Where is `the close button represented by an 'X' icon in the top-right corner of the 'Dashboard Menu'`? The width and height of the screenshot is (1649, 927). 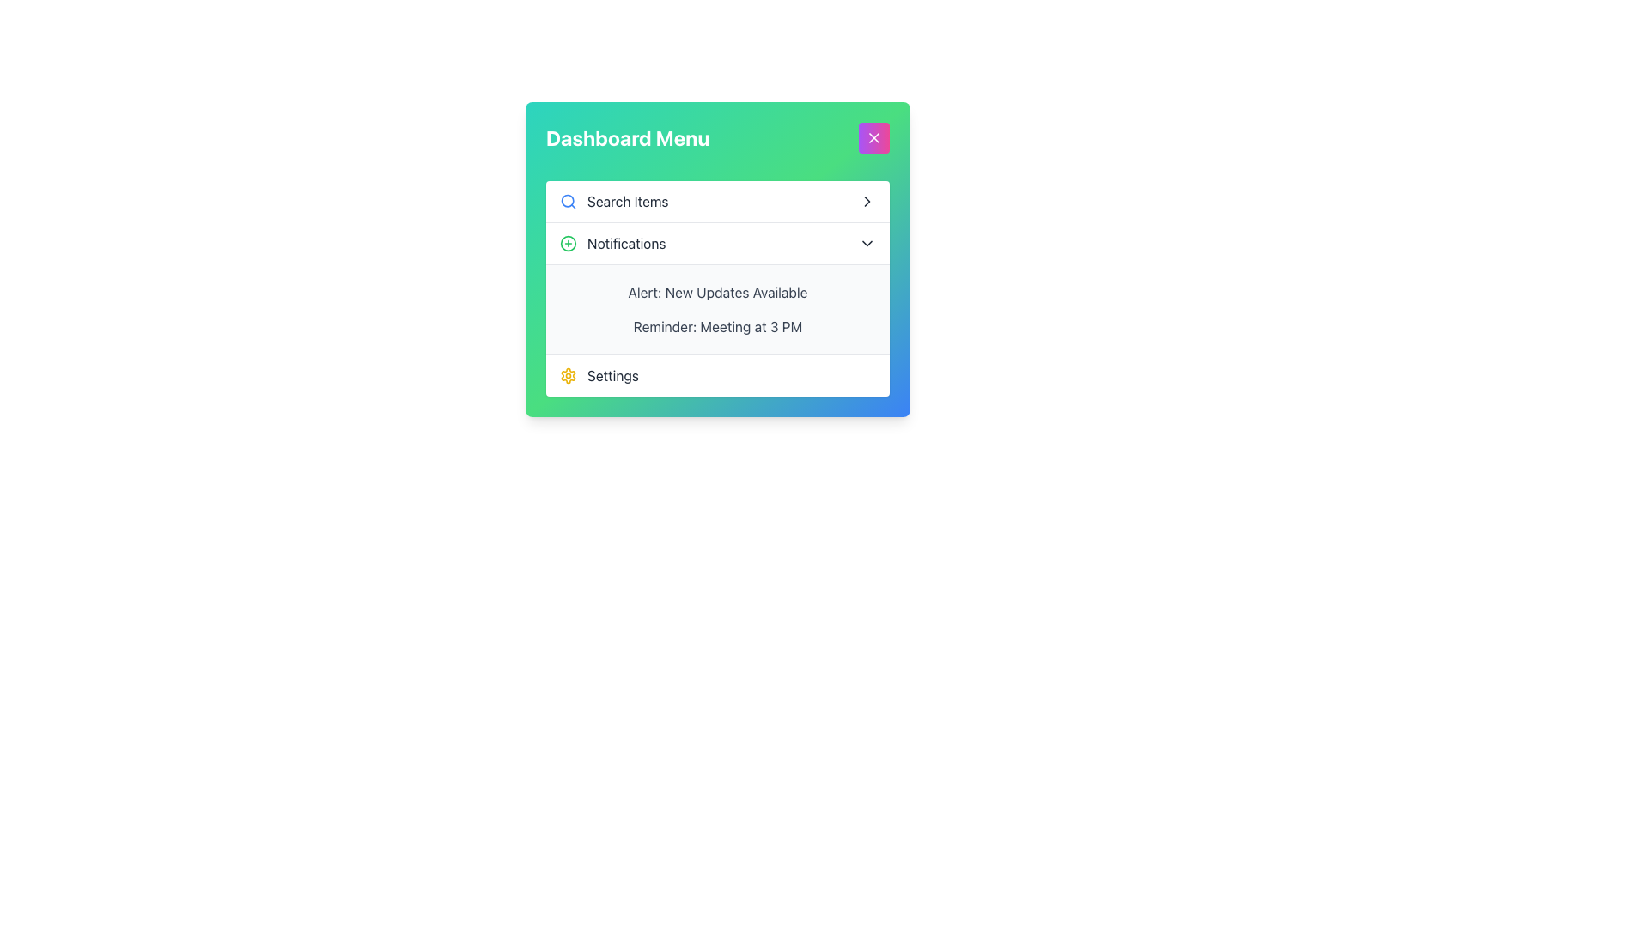
the close button represented by an 'X' icon in the top-right corner of the 'Dashboard Menu' is located at coordinates (873, 137).